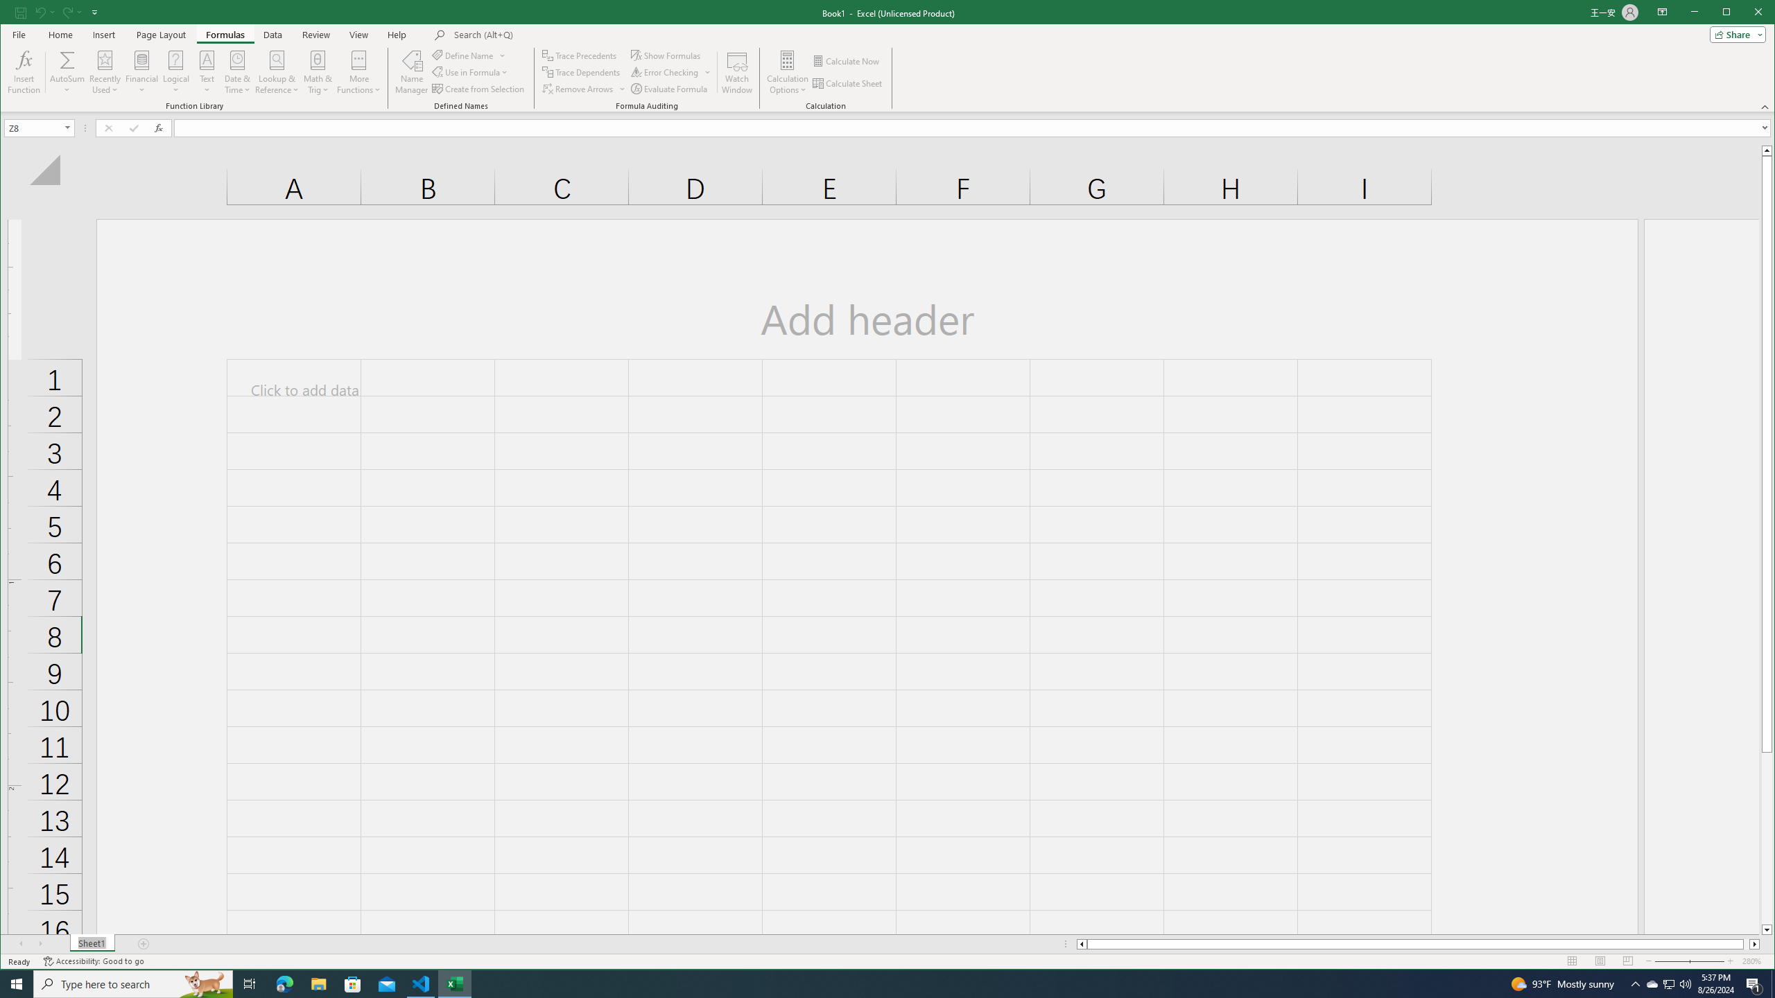 The width and height of the screenshot is (1775, 998). I want to click on 'Visual Studio Code - 1 running window', so click(421, 983).